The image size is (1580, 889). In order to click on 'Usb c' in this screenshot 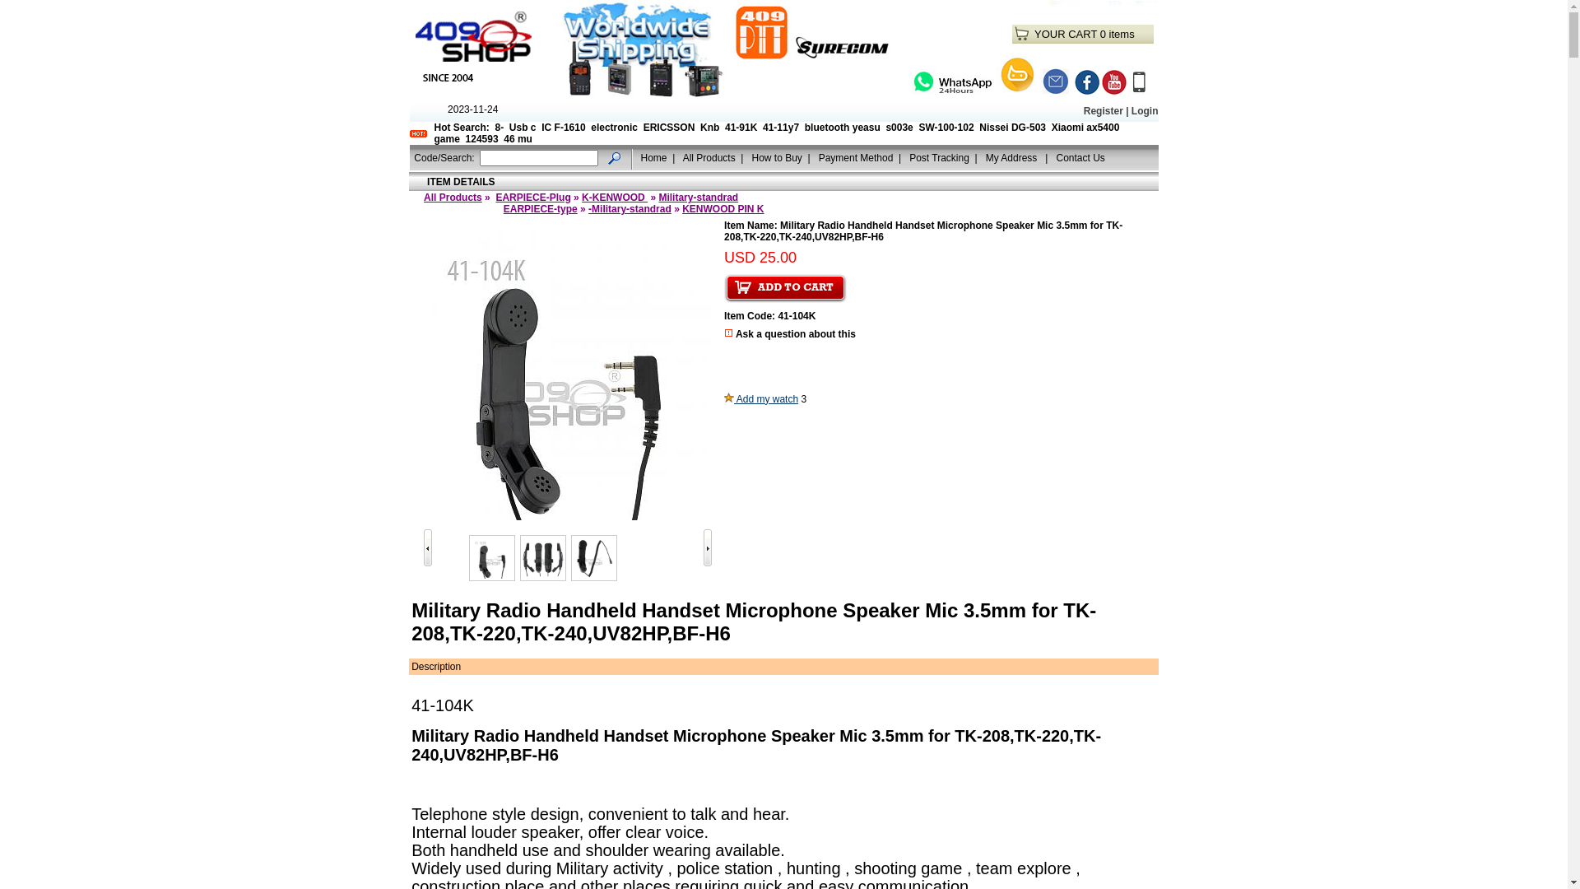, I will do `click(522, 126)`.